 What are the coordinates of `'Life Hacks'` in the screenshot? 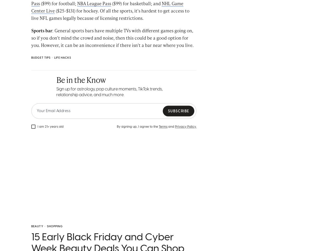 It's located at (62, 65).